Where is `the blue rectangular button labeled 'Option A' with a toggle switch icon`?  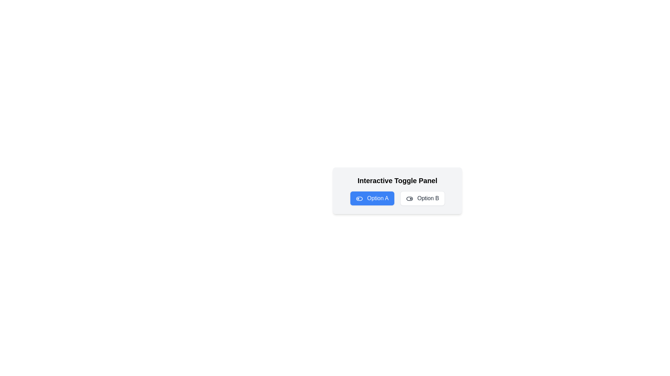
the blue rectangular button labeled 'Option A' with a toggle switch icon is located at coordinates (372, 198).